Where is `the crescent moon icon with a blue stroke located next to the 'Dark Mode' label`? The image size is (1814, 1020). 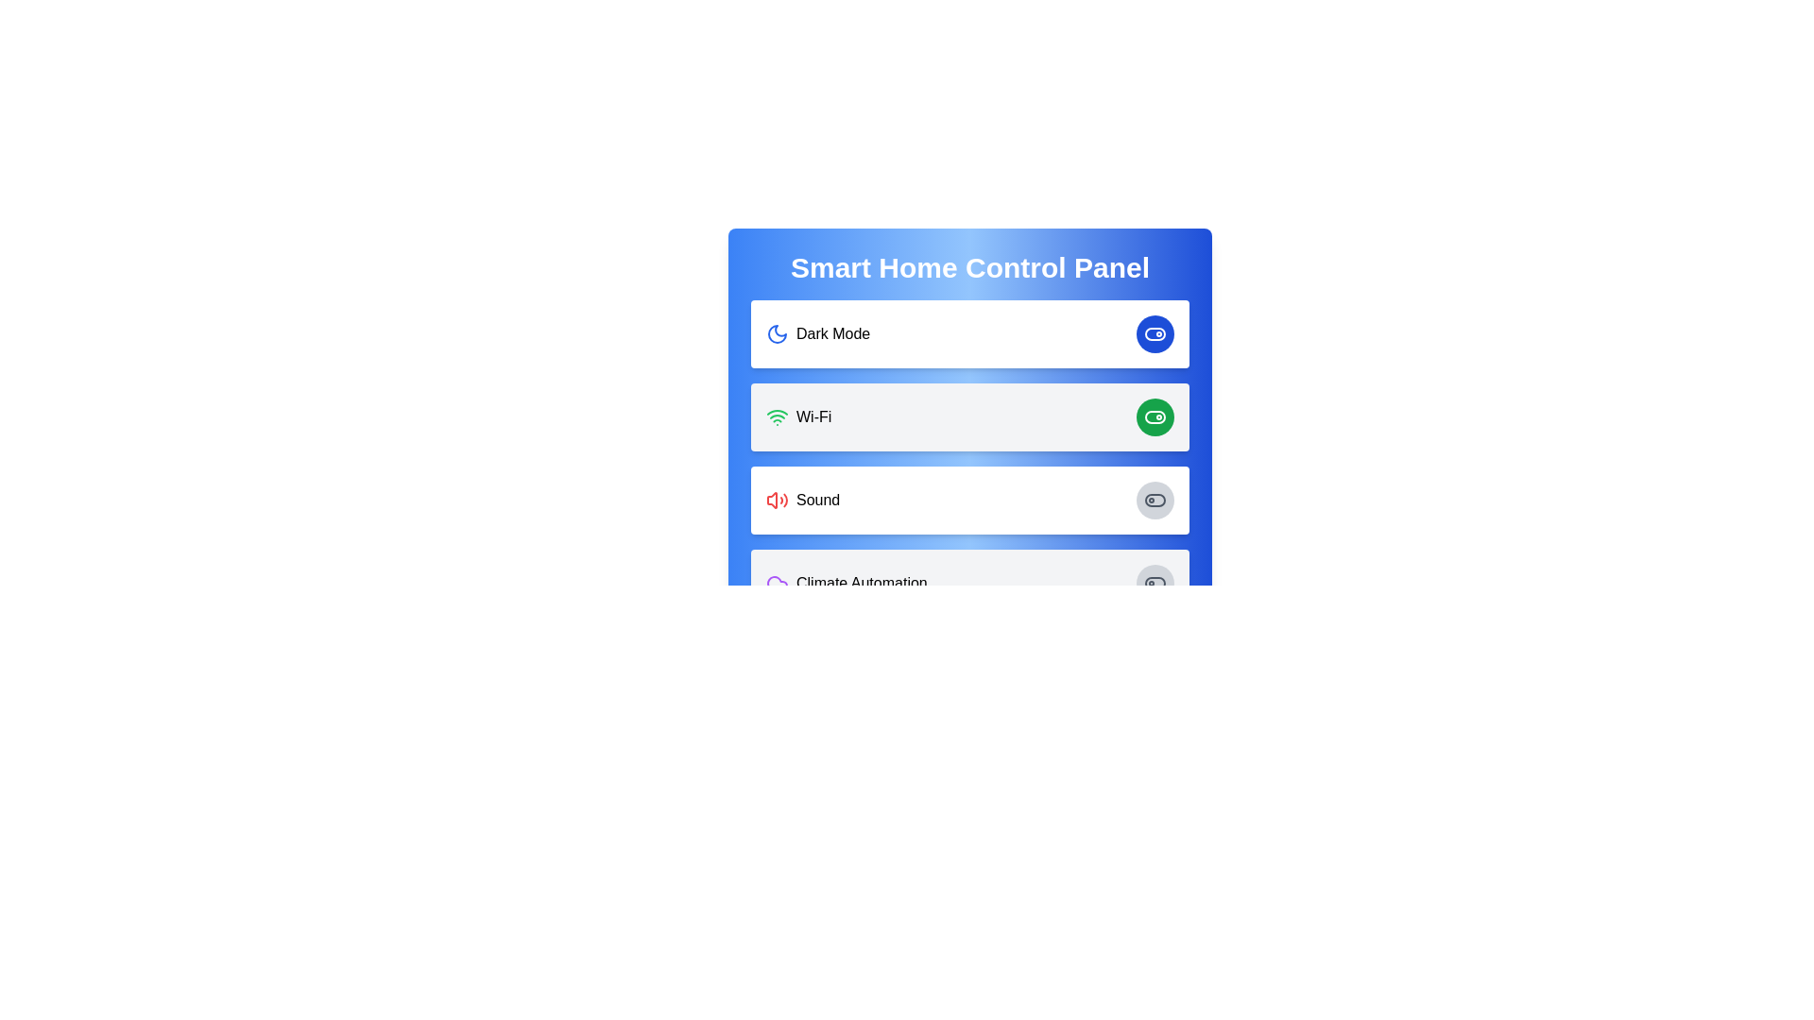 the crescent moon icon with a blue stroke located next to the 'Dark Mode' label is located at coordinates (777, 333).